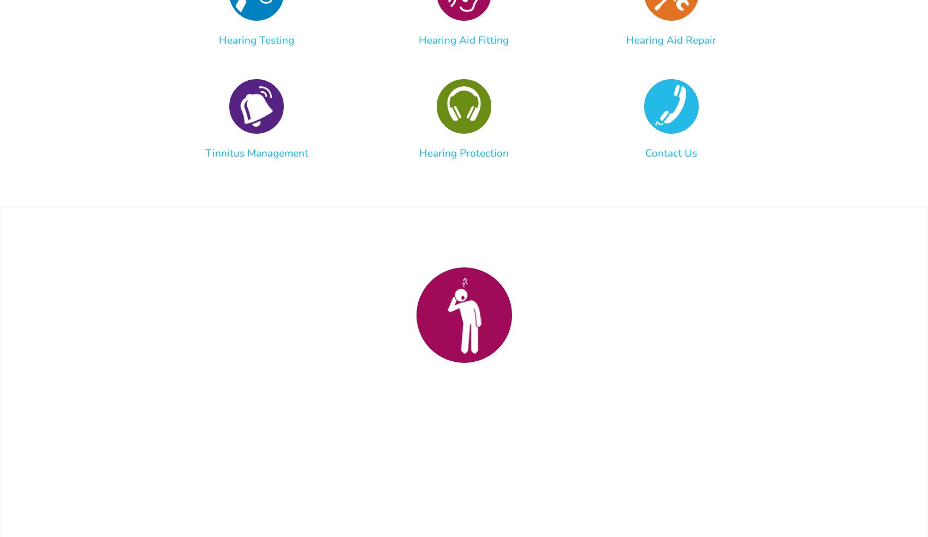  Describe the element at coordinates (461, 444) in the screenshot. I see `'Hearing loss is the third most common physical health problem'` at that location.